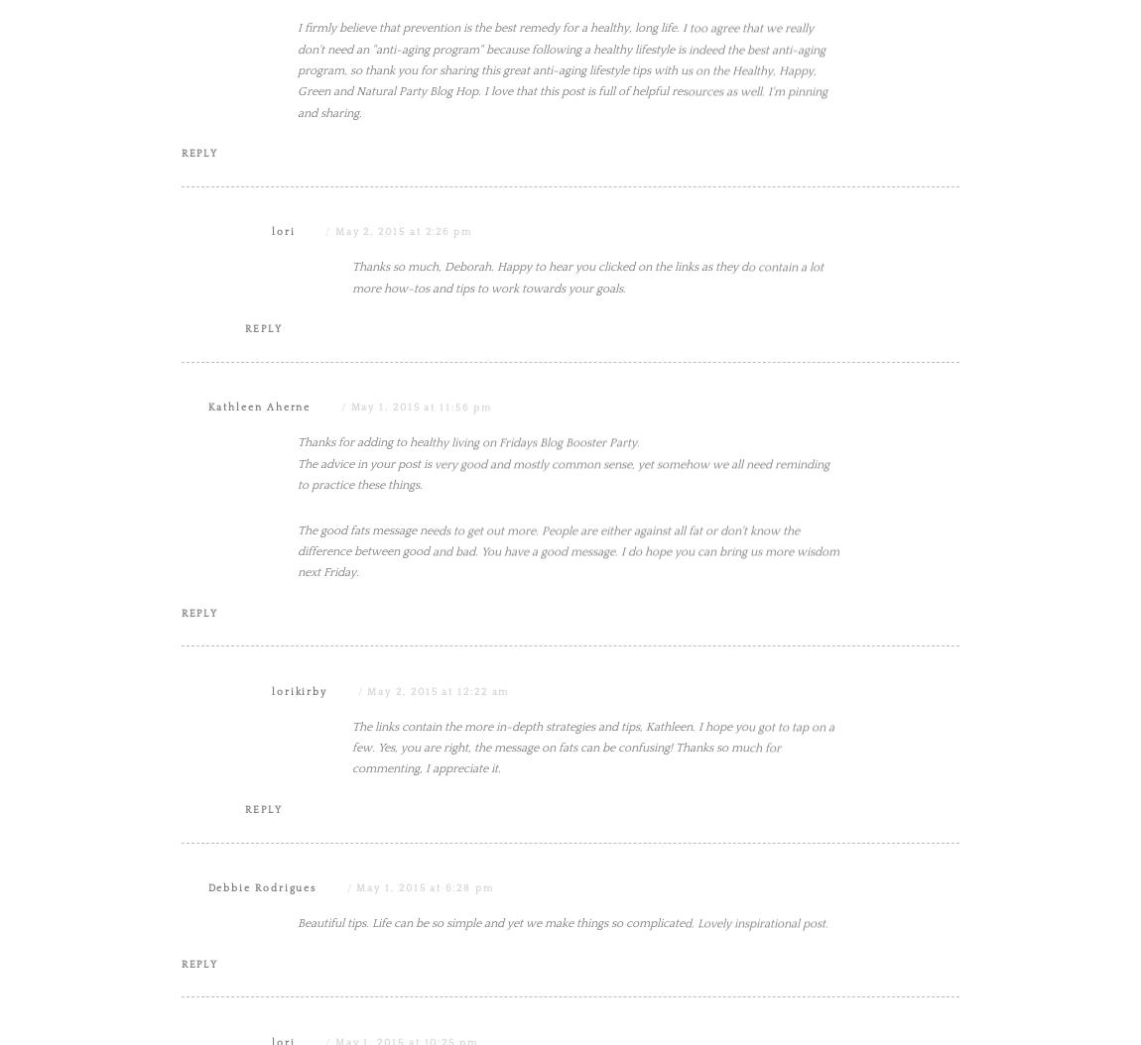 The image size is (1141, 1045). I want to click on 'The links contain the more in-depth strategies and tips, Kathleen.  I hope you got to tap on a few. Yes, you are right, the message on fats can be confusing!  Thanks so much for commenting,  I appreciate it.', so click(592, 947).